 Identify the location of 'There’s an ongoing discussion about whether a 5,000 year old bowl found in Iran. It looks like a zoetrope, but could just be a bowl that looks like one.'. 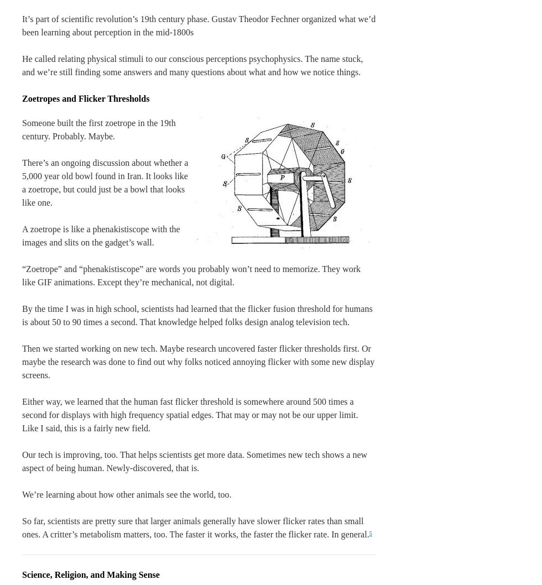
(105, 182).